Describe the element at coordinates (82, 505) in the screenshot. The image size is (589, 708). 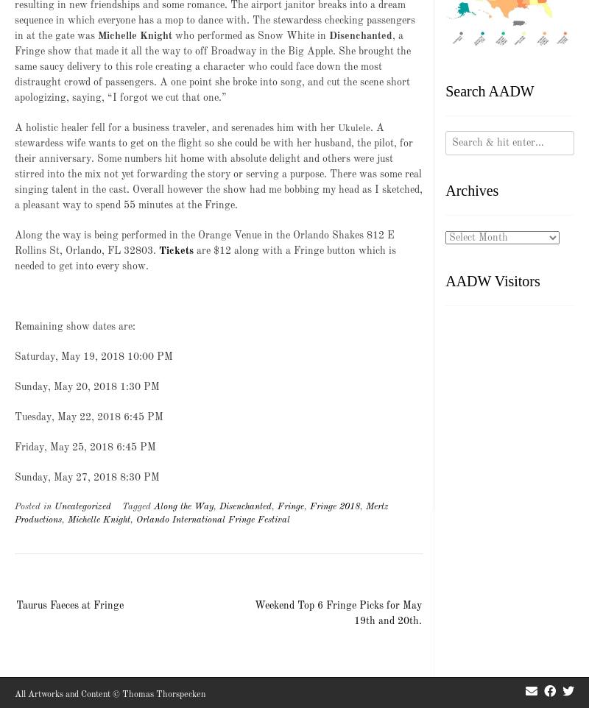
I see `'Uncategorized'` at that location.